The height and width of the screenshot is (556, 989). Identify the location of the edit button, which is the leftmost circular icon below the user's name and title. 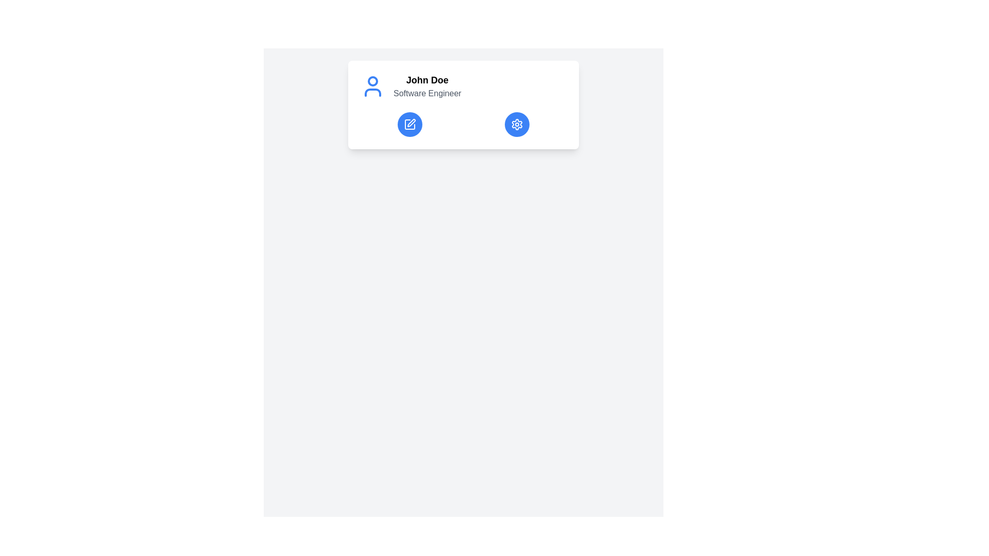
(410, 124).